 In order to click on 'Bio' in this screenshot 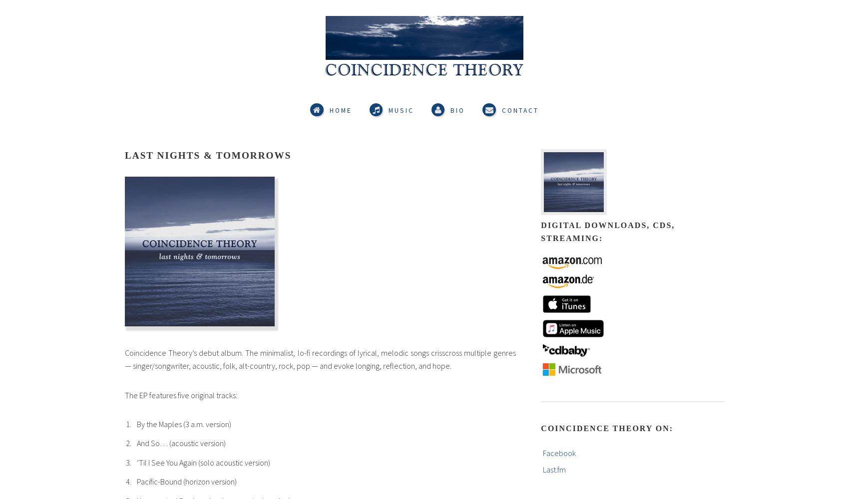, I will do `click(457, 109)`.